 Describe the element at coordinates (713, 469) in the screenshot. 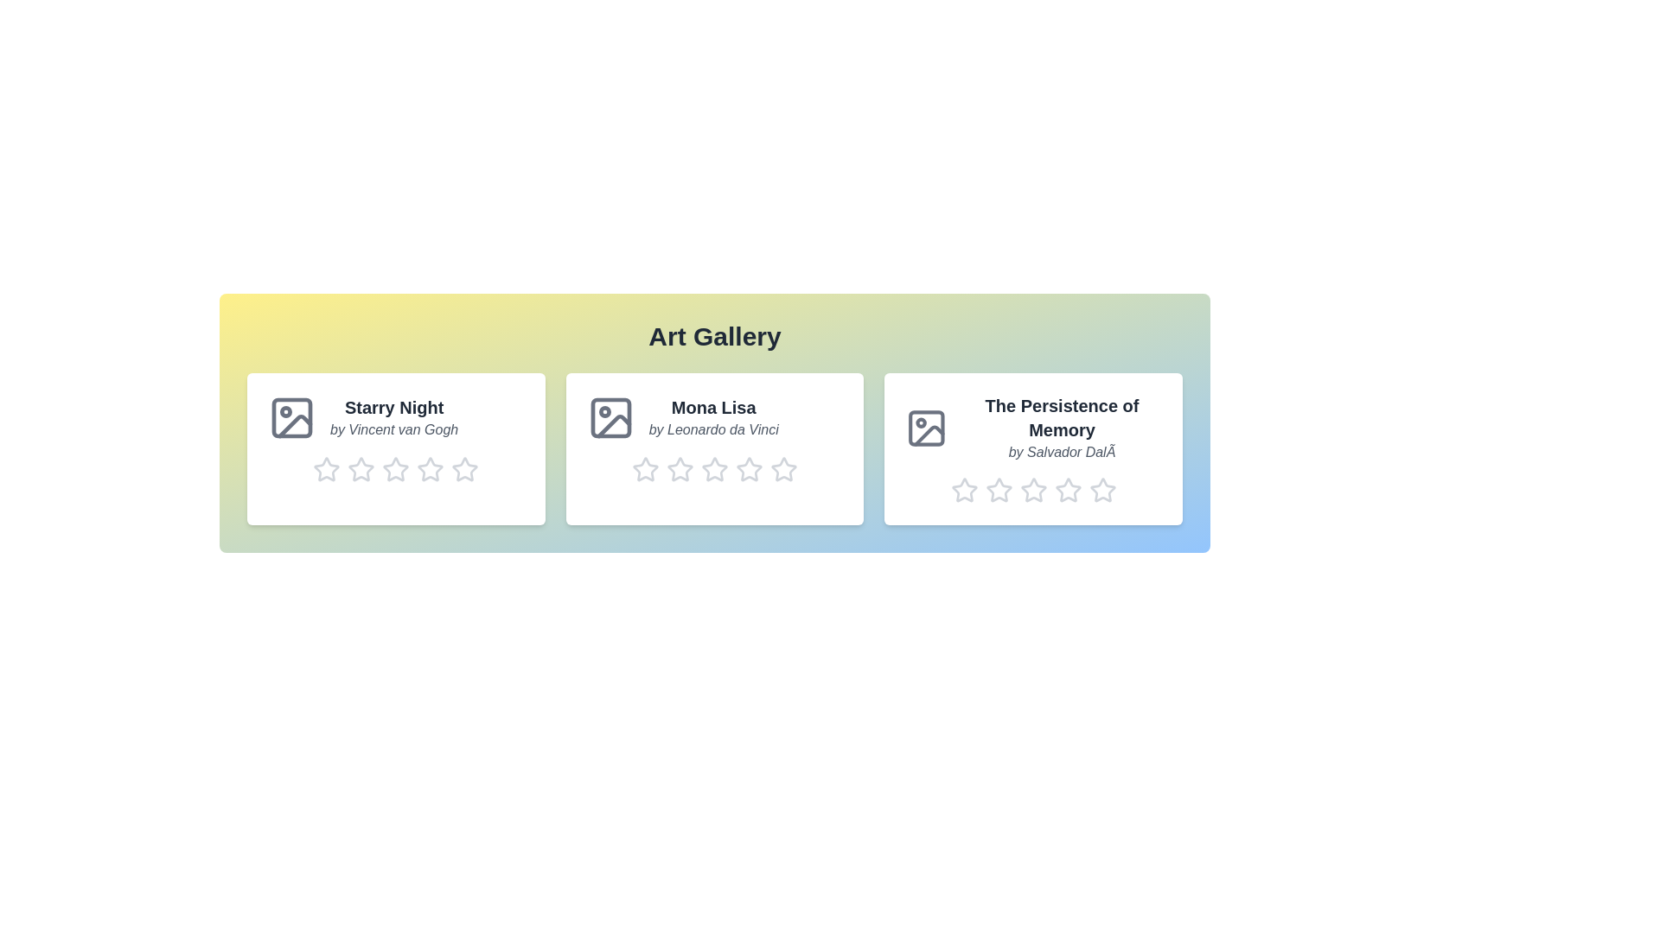

I see `the rating for the artwork 'Mona Lisa' to 3 stars` at that location.